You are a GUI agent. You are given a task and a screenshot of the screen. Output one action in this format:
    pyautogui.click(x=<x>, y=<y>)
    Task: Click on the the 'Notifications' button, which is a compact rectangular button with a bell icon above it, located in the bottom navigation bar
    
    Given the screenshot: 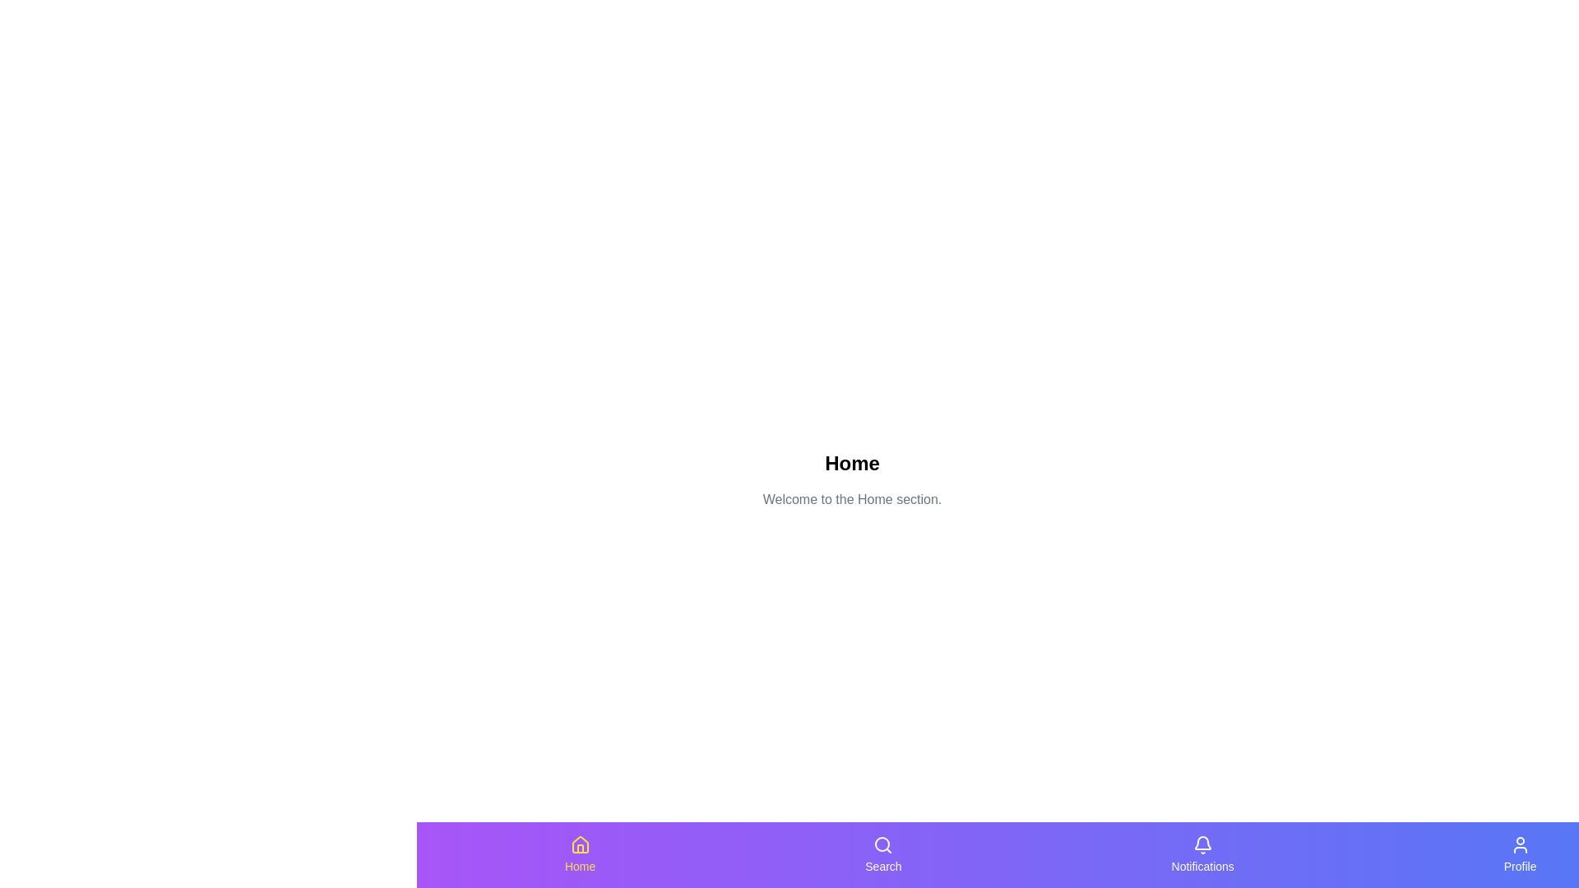 What is the action you would take?
    pyautogui.click(x=1202, y=854)
    